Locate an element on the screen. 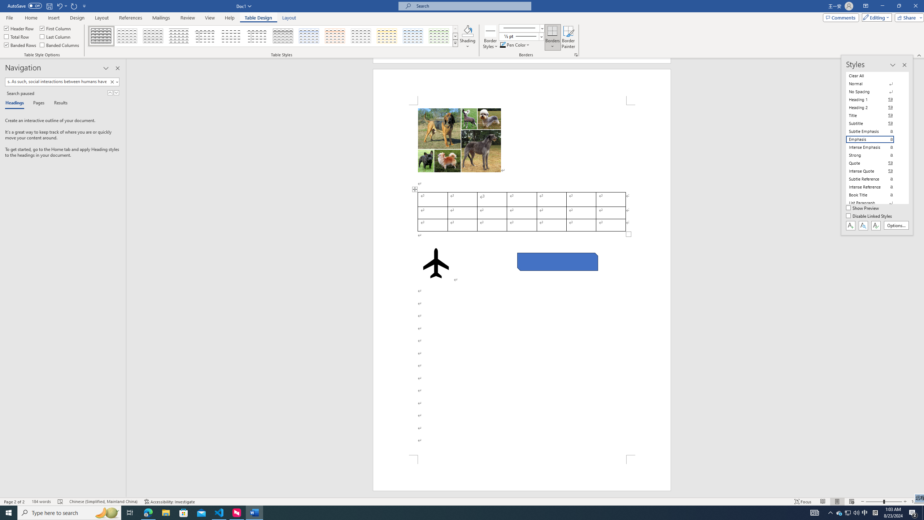  'Clear' is located at coordinates (113, 81).